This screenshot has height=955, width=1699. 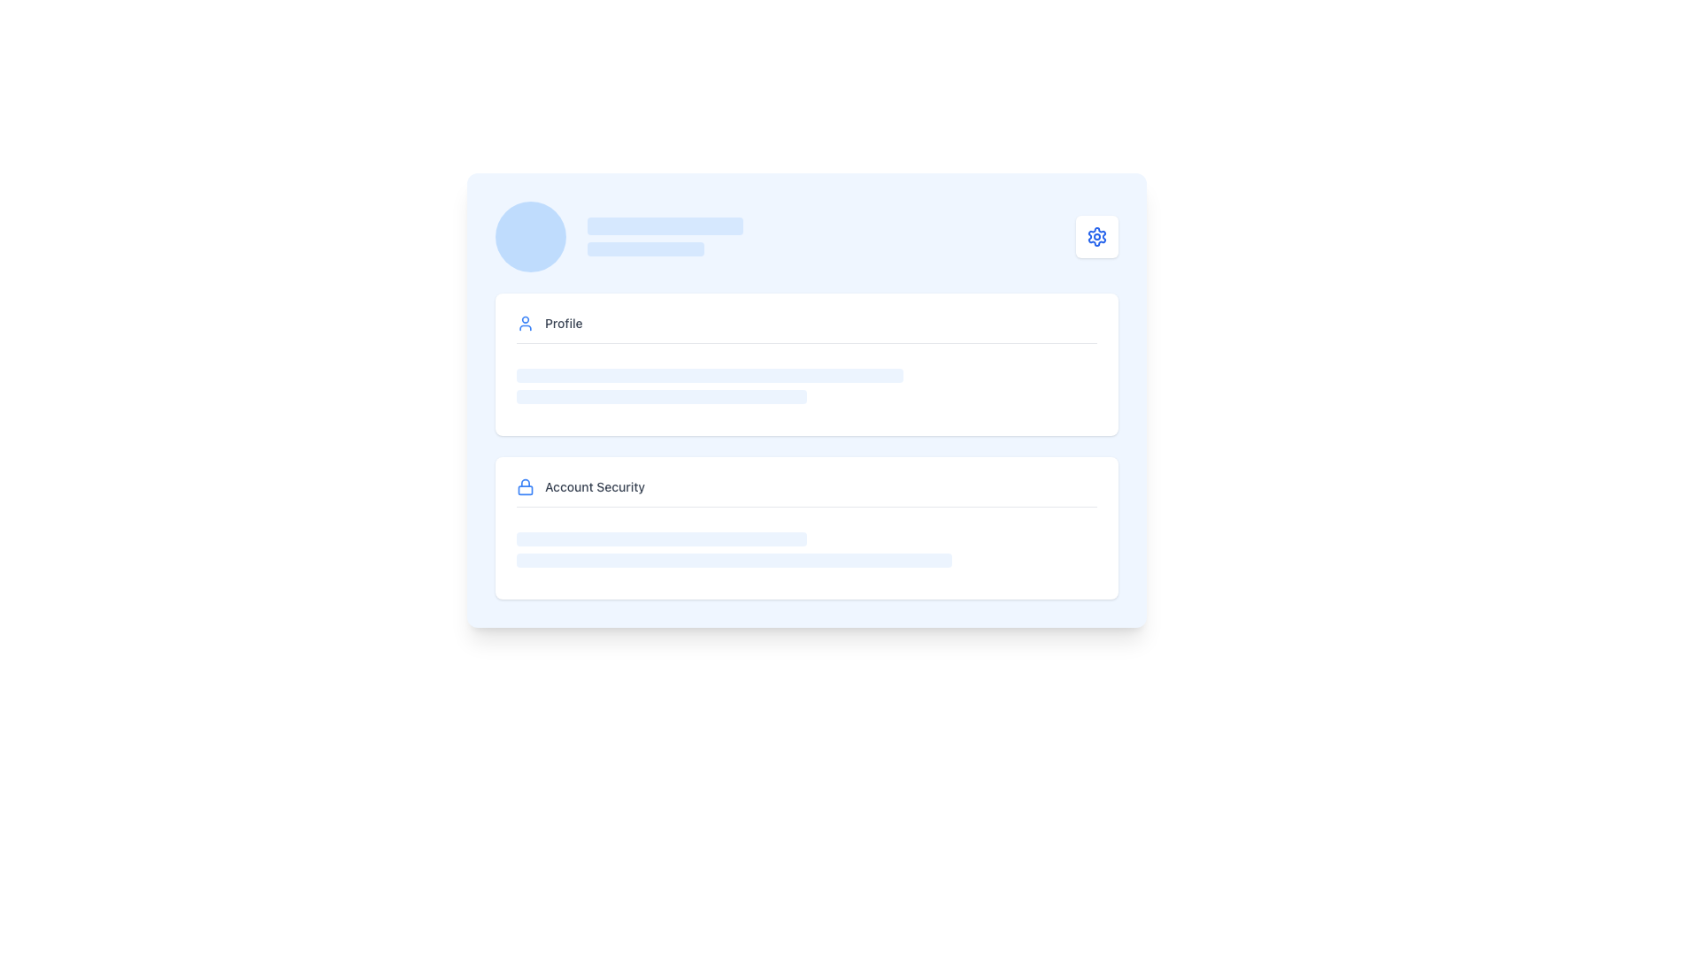 I want to click on the circular visual placeholder located at the top-left corner of the user panel, which serves as a decorative loading animation, so click(x=530, y=235).